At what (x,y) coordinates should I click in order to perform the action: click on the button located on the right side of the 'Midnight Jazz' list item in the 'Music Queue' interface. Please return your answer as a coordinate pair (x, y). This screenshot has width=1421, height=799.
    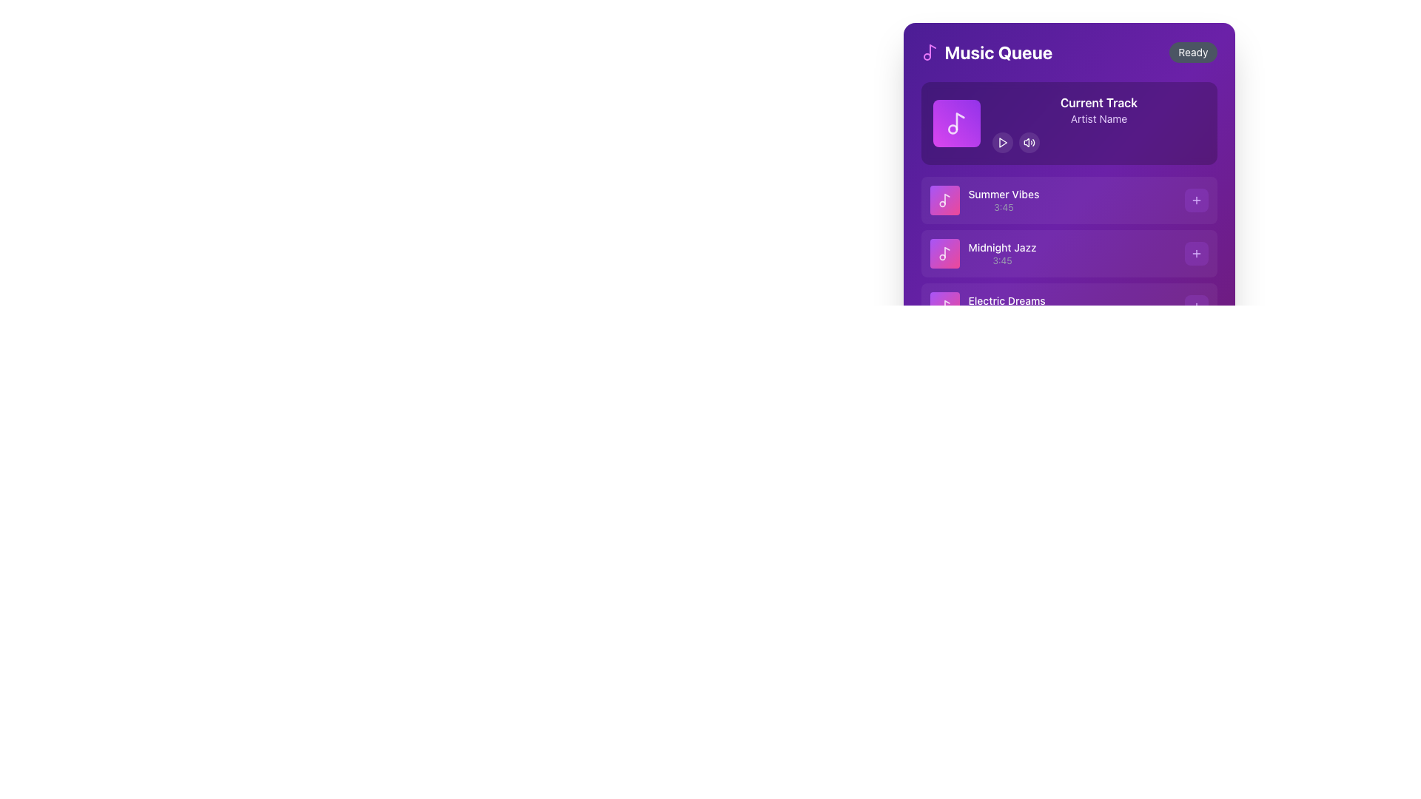
    Looking at the image, I should click on (1196, 253).